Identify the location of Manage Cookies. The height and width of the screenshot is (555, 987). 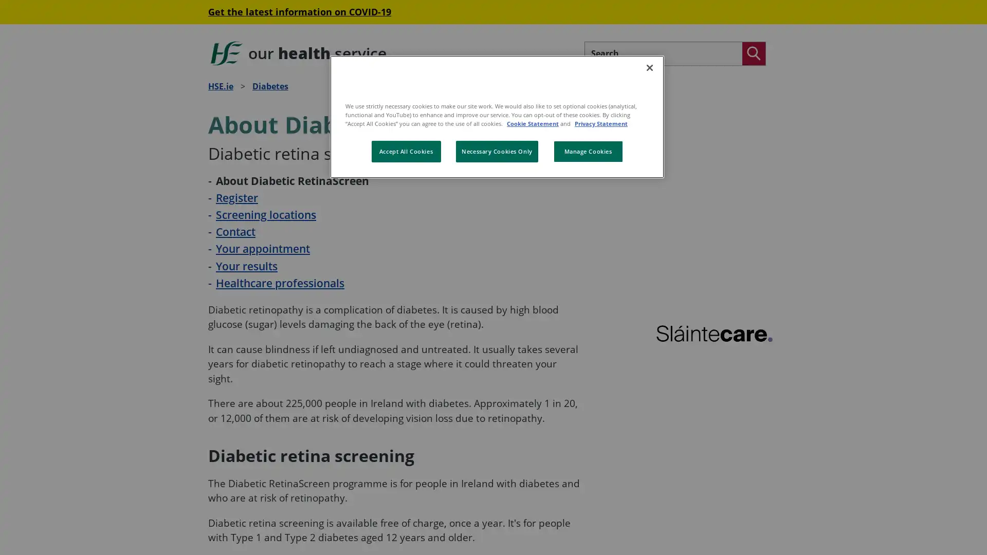
(588, 151).